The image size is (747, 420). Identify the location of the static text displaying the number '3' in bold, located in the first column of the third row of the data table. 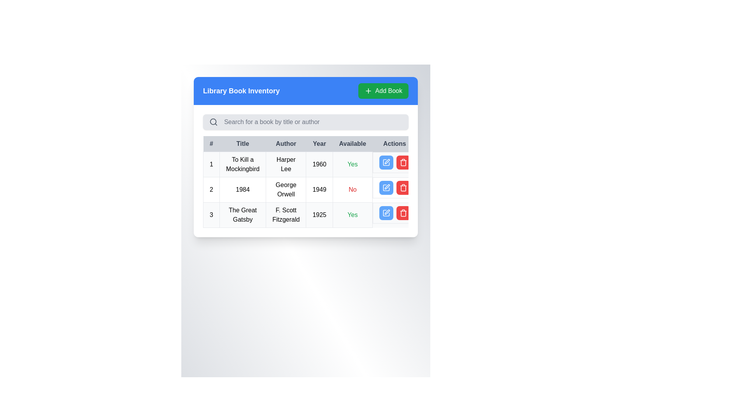
(211, 215).